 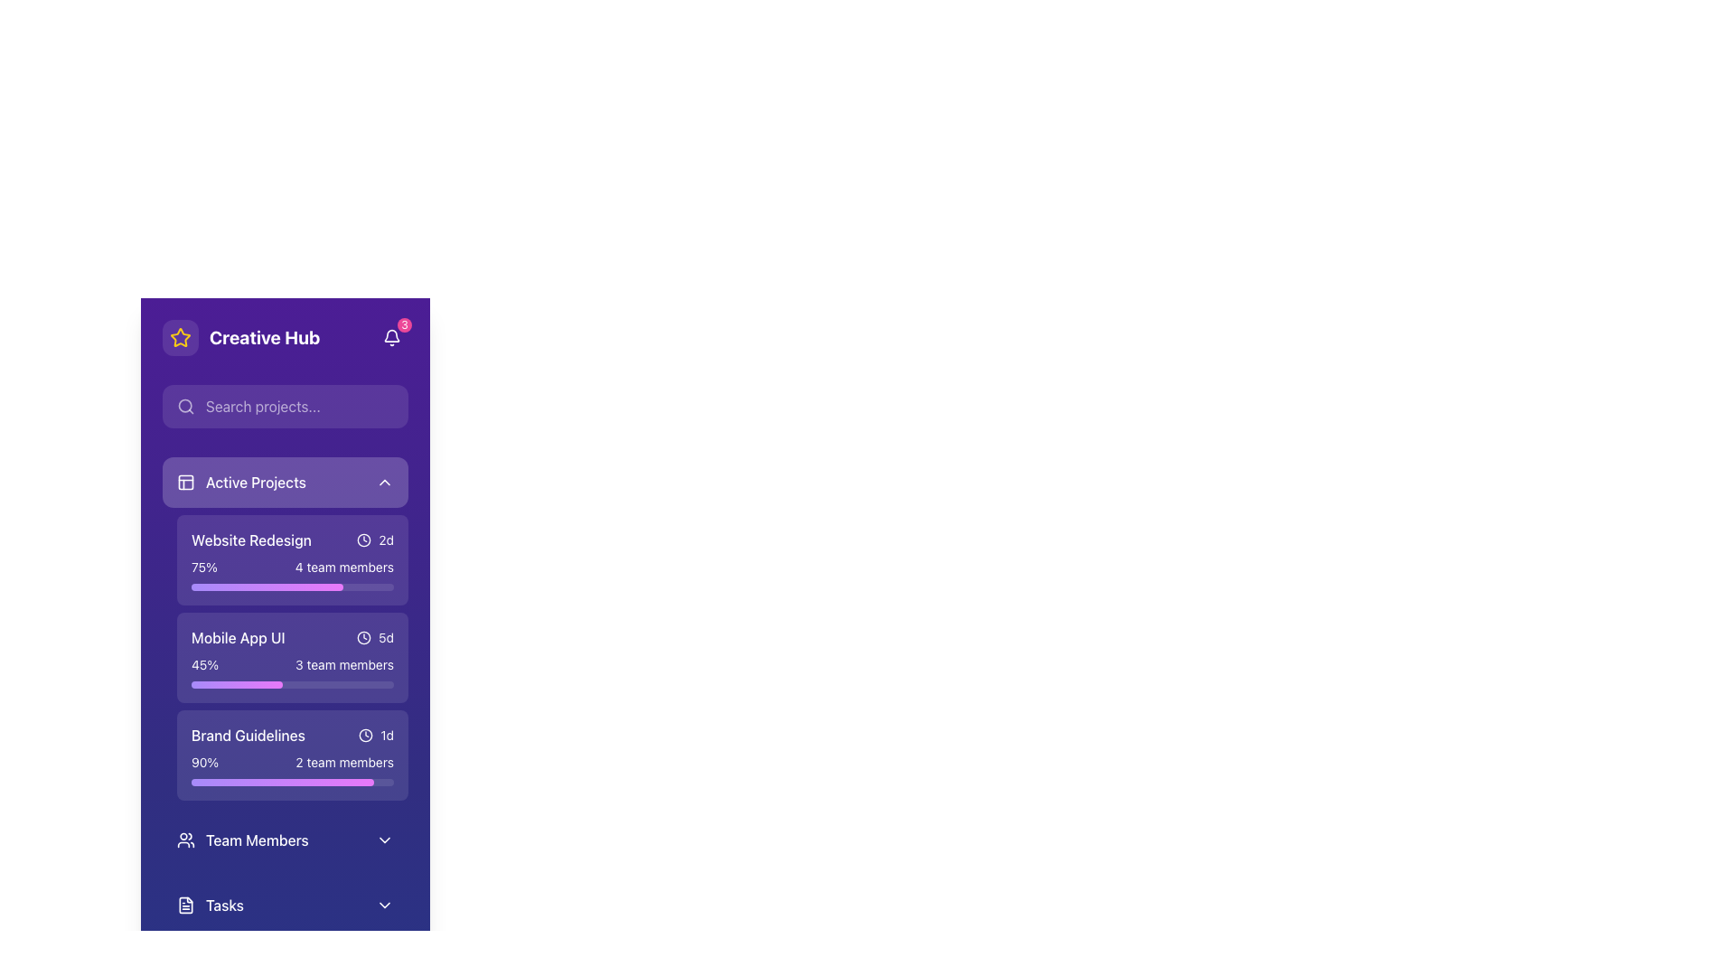 I want to click on the star icon located at the top left of the purple sidebar, which represents a highlight or favorite feature, to make it visually prominent, so click(x=181, y=338).